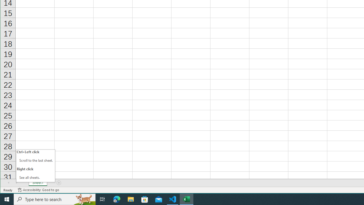 The width and height of the screenshot is (364, 205). I want to click on 'Type here to search', so click(55, 199).